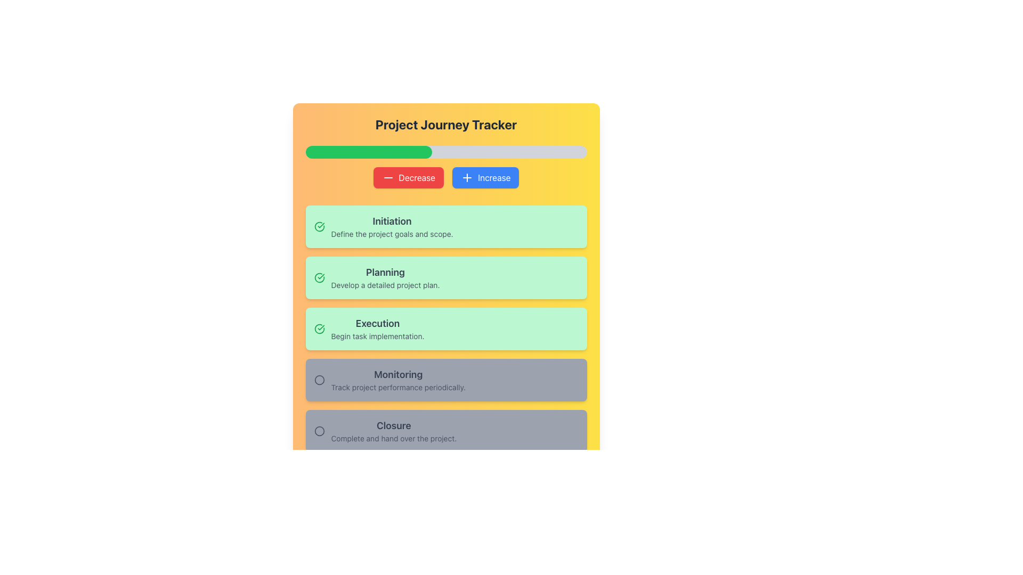 This screenshot has height=575, width=1023. What do you see at coordinates (408, 177) in the screenshot?
I see `the red 'Decrease' button with a minus icon` at bounding box center [408, 177].